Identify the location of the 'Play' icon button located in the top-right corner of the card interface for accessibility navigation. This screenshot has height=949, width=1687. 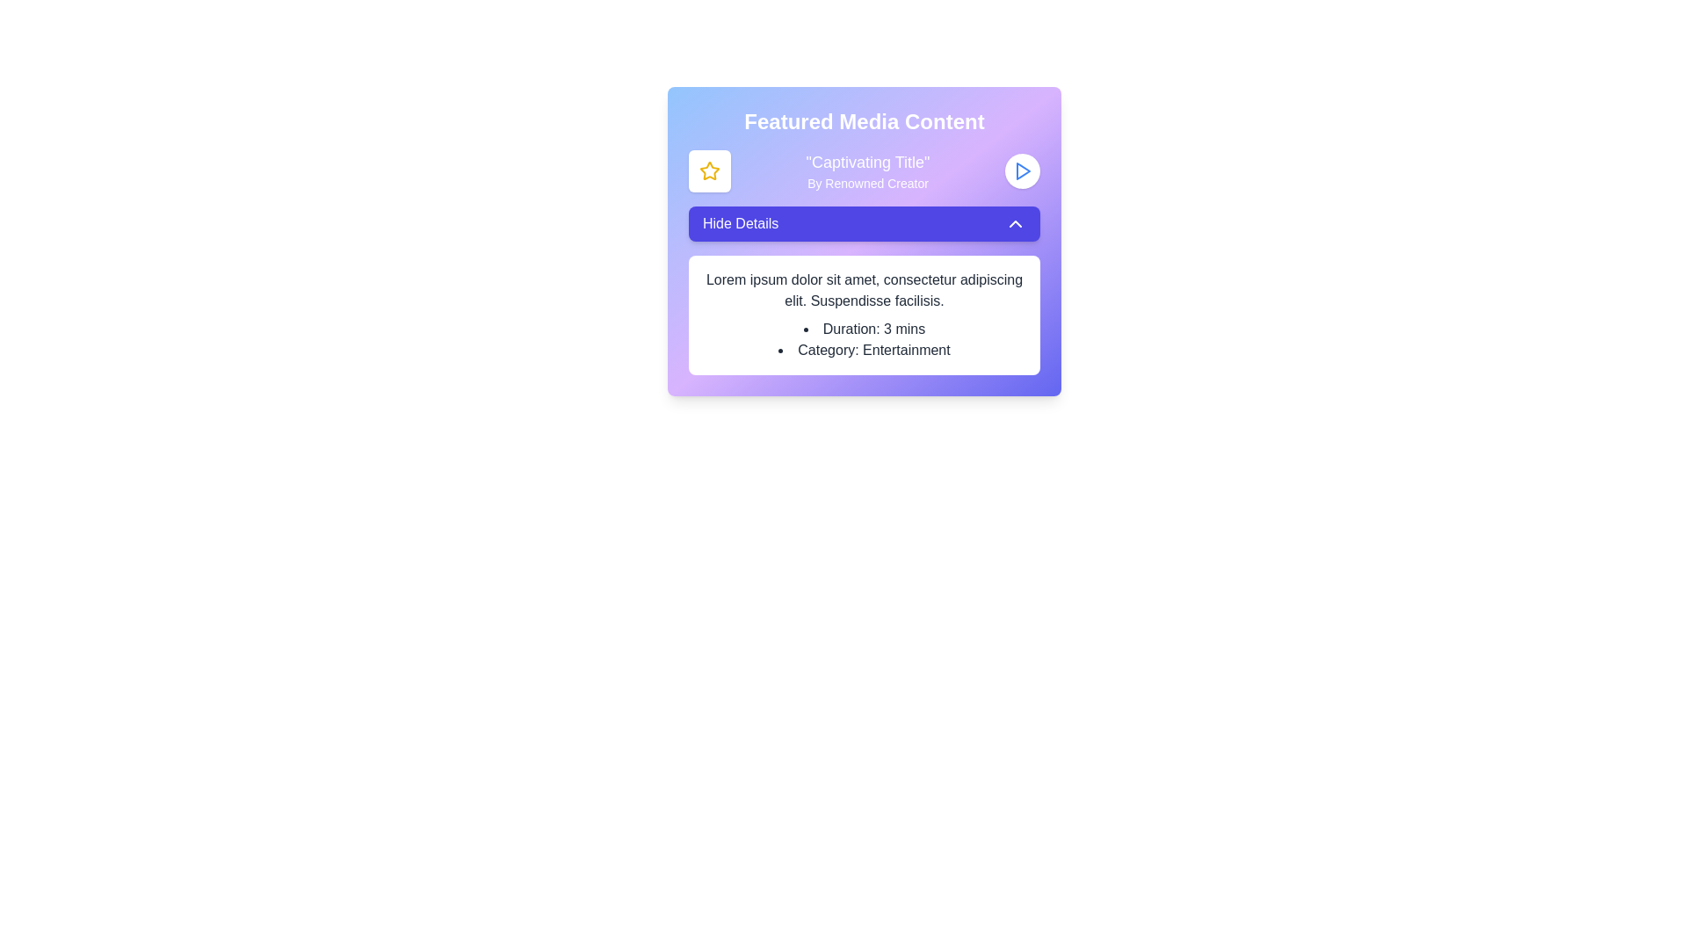
(1024, 171).